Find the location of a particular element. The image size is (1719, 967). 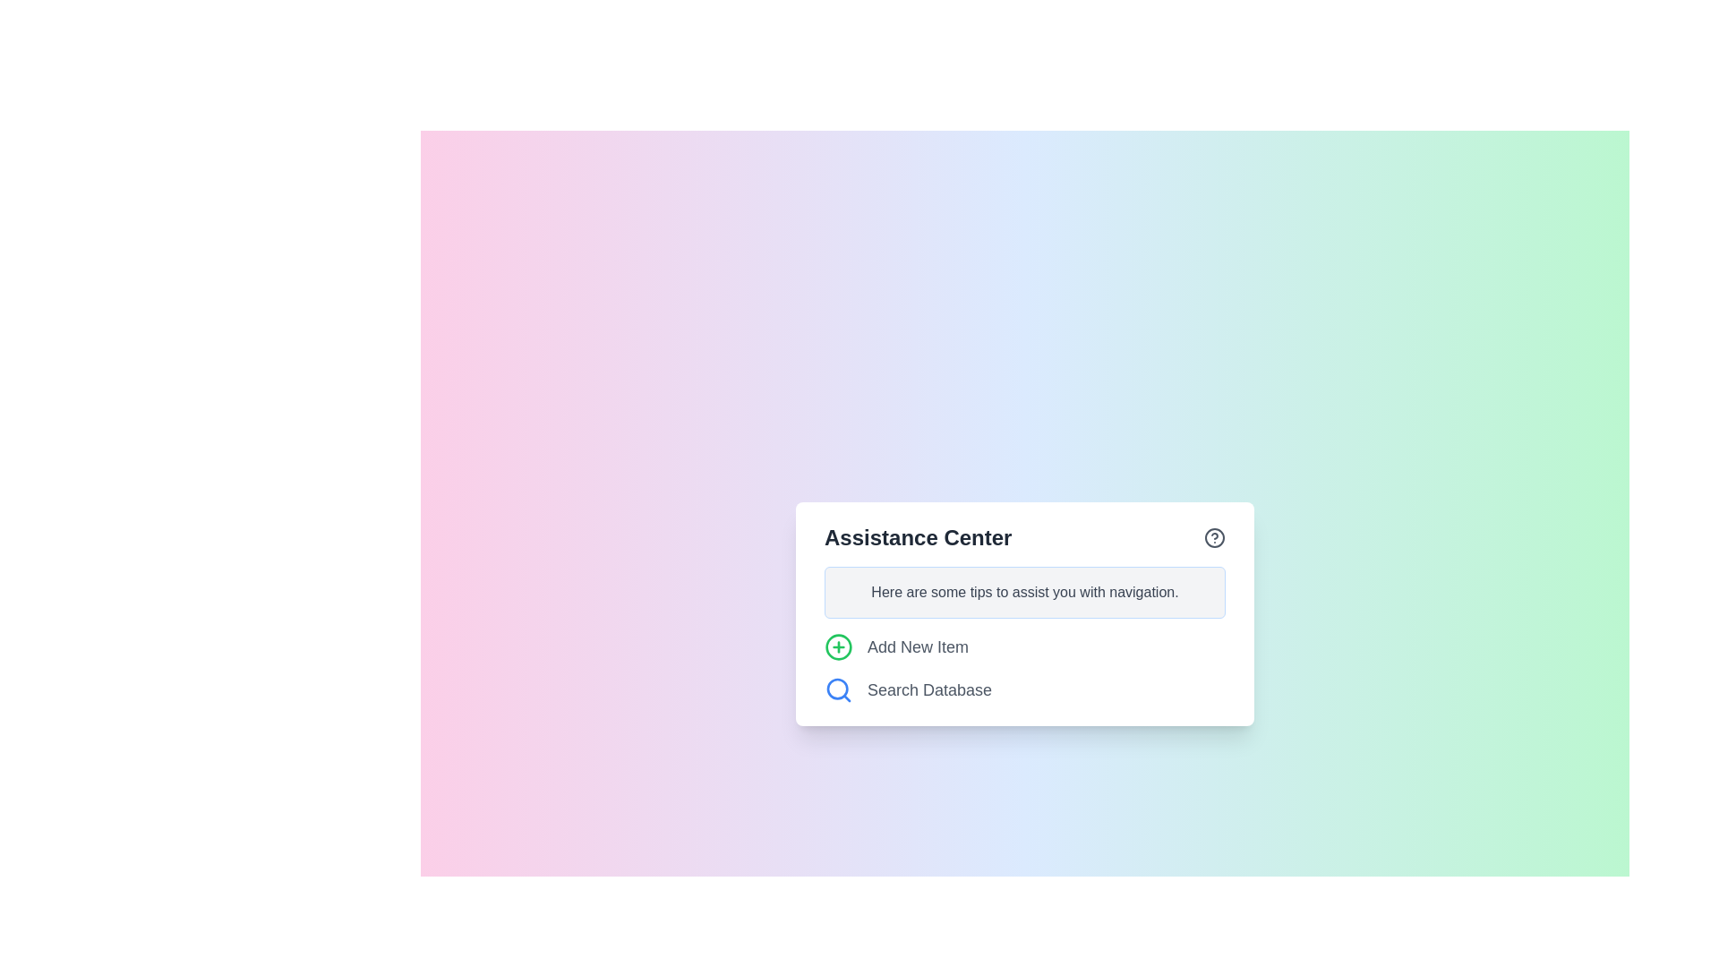

the static text label located in the lower right section of the card-like component, positioned to the right of the blue circular search icon is located at coordinates (929, 689).